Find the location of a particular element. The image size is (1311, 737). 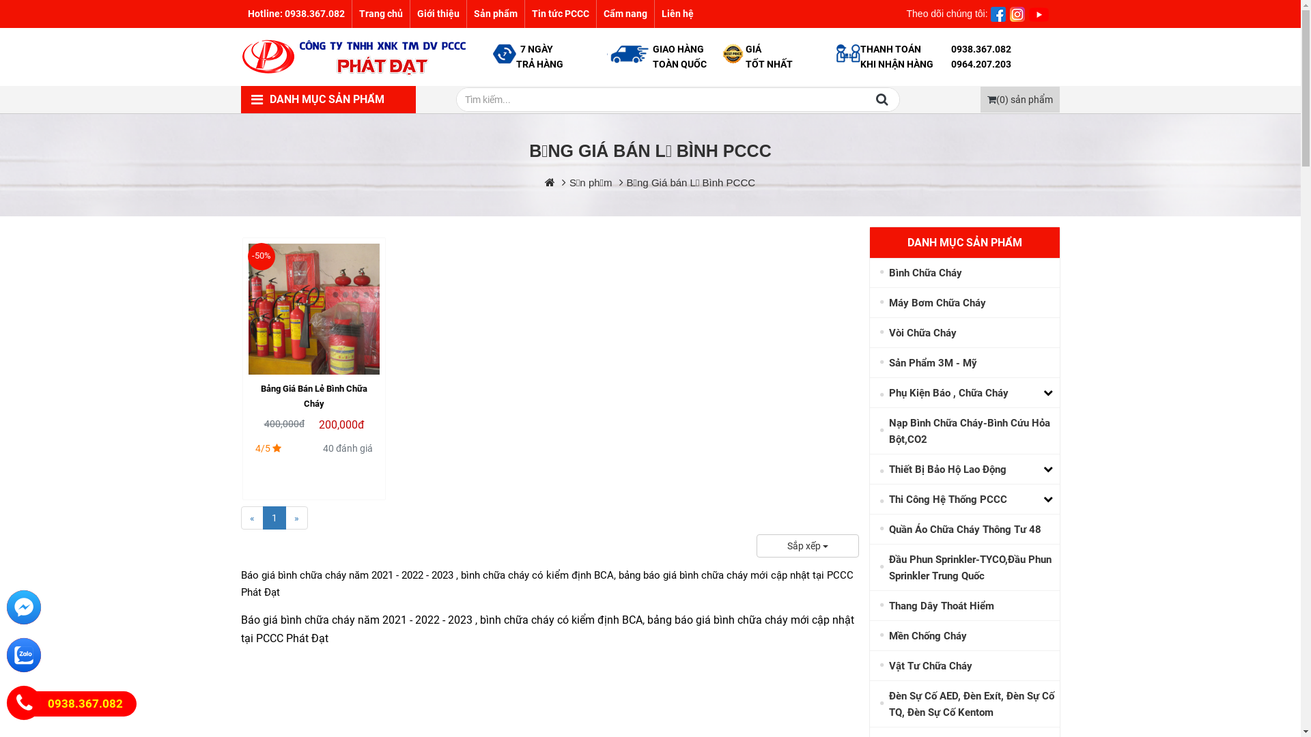

' ' is located at coordinates (989, 13).